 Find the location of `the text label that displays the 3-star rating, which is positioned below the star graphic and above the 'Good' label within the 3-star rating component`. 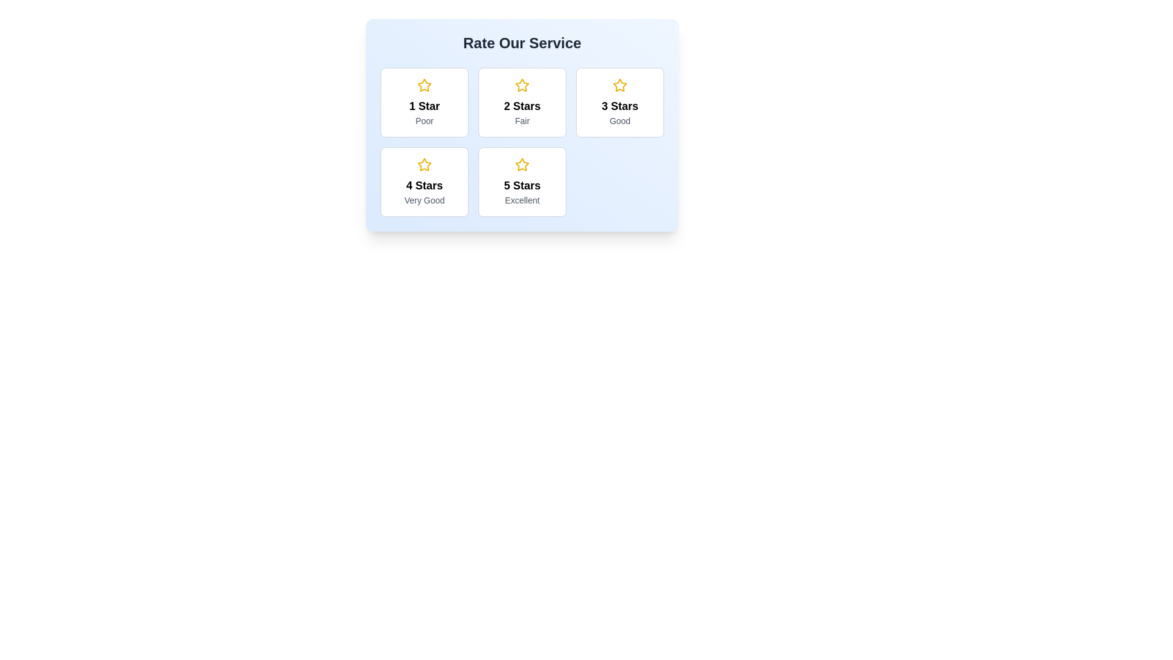

the text label that displays the 3-star rating, which is positioned below the star graphic and above the 'Good' label within the 3-star rating component is located at coordinates (619, 105).